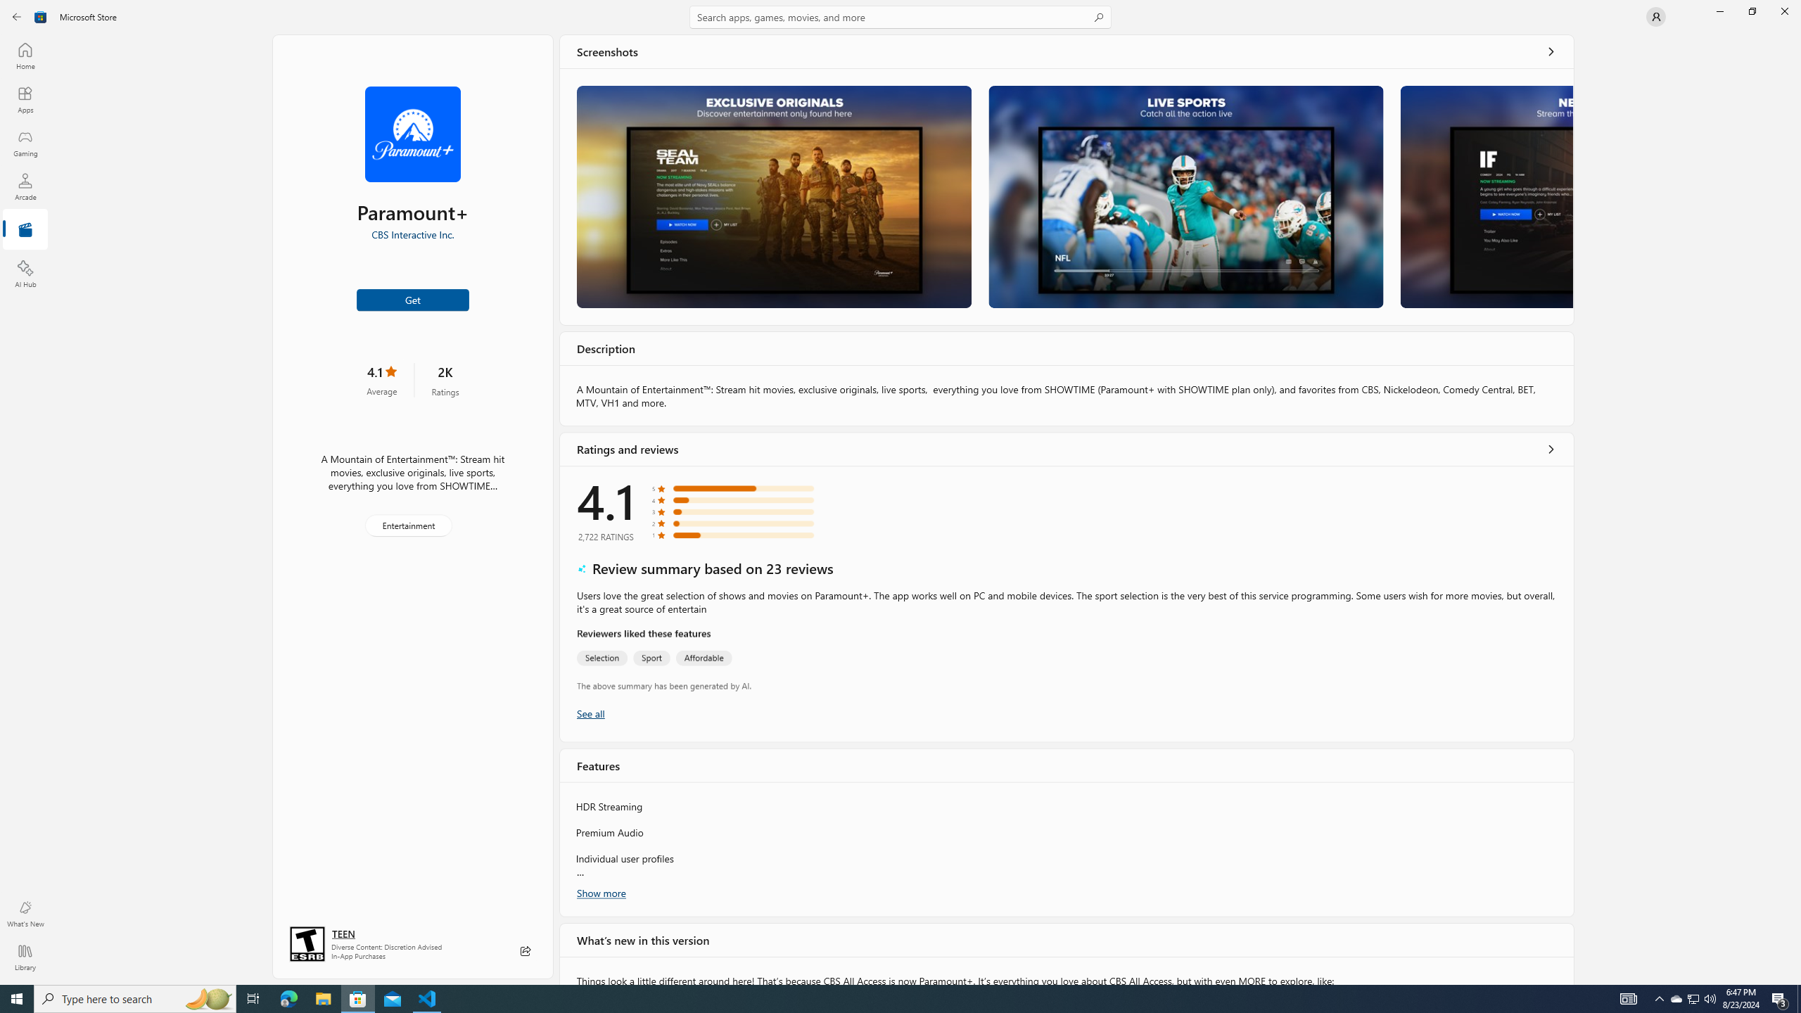 The height and width of the screenshot is (1013, 1801). Describe the element at coordinates (17, 15) in the screenshot. I see `'Back'` at that location.